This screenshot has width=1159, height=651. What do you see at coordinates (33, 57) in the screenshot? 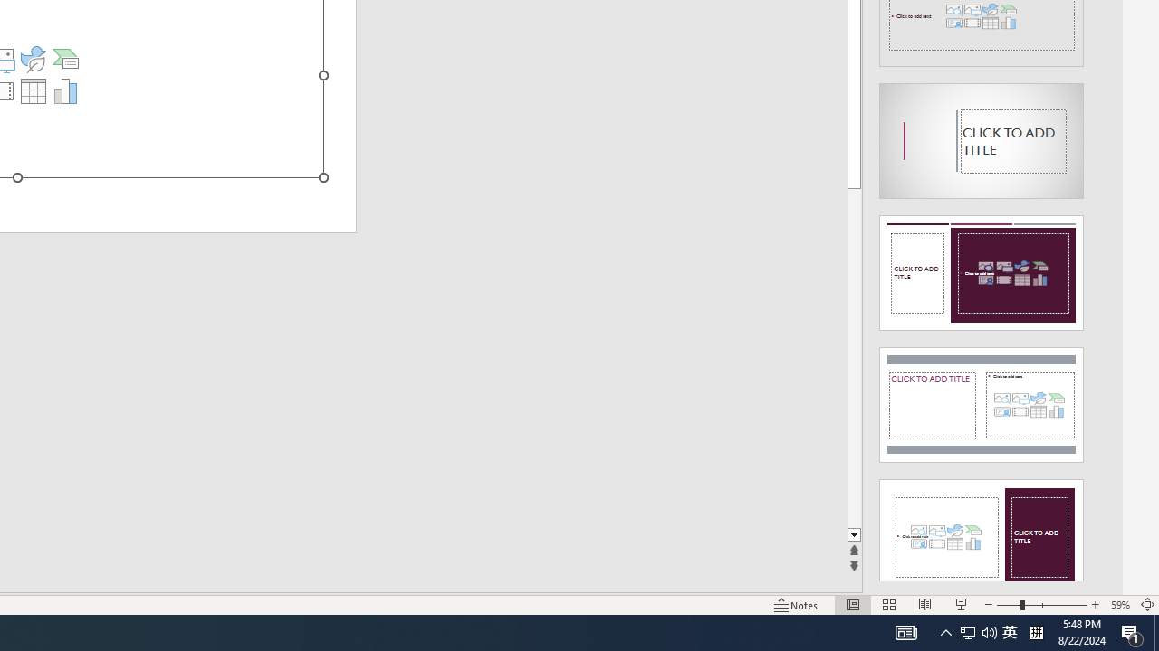
I see `'Insert an Icon'` at bounding box center [33, 57].